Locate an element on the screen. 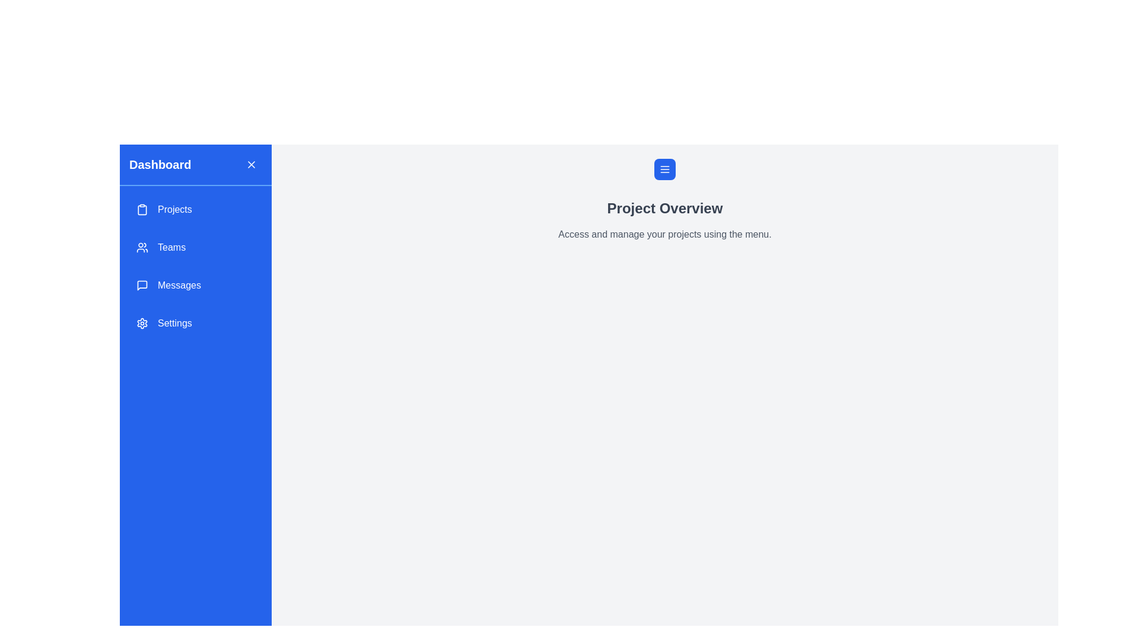 The image size is (1139, 640). the decorative 'Settings' icon located to the left of the 'Settings' text label in the left sidebar menu is located at coordinates (142, 324).